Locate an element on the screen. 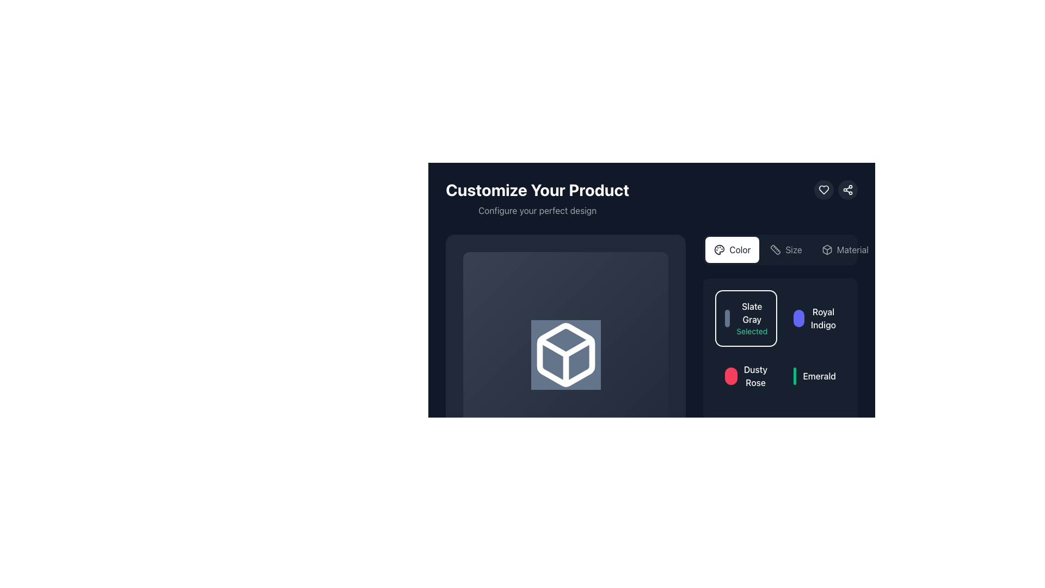 Image resolution: width=1045 pixels, height=588 pixels. 'Royal Indigo' label located in the top-right section of the interface under the 'Color' tab in the customization panel, positioned right of the 'Slate Gray' selection is located at coordinates (823, 318).